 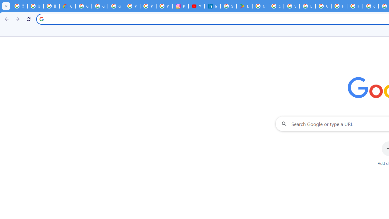 I want to click on 'Google Workspace - Specific Terms', so click(x=276, y=6).